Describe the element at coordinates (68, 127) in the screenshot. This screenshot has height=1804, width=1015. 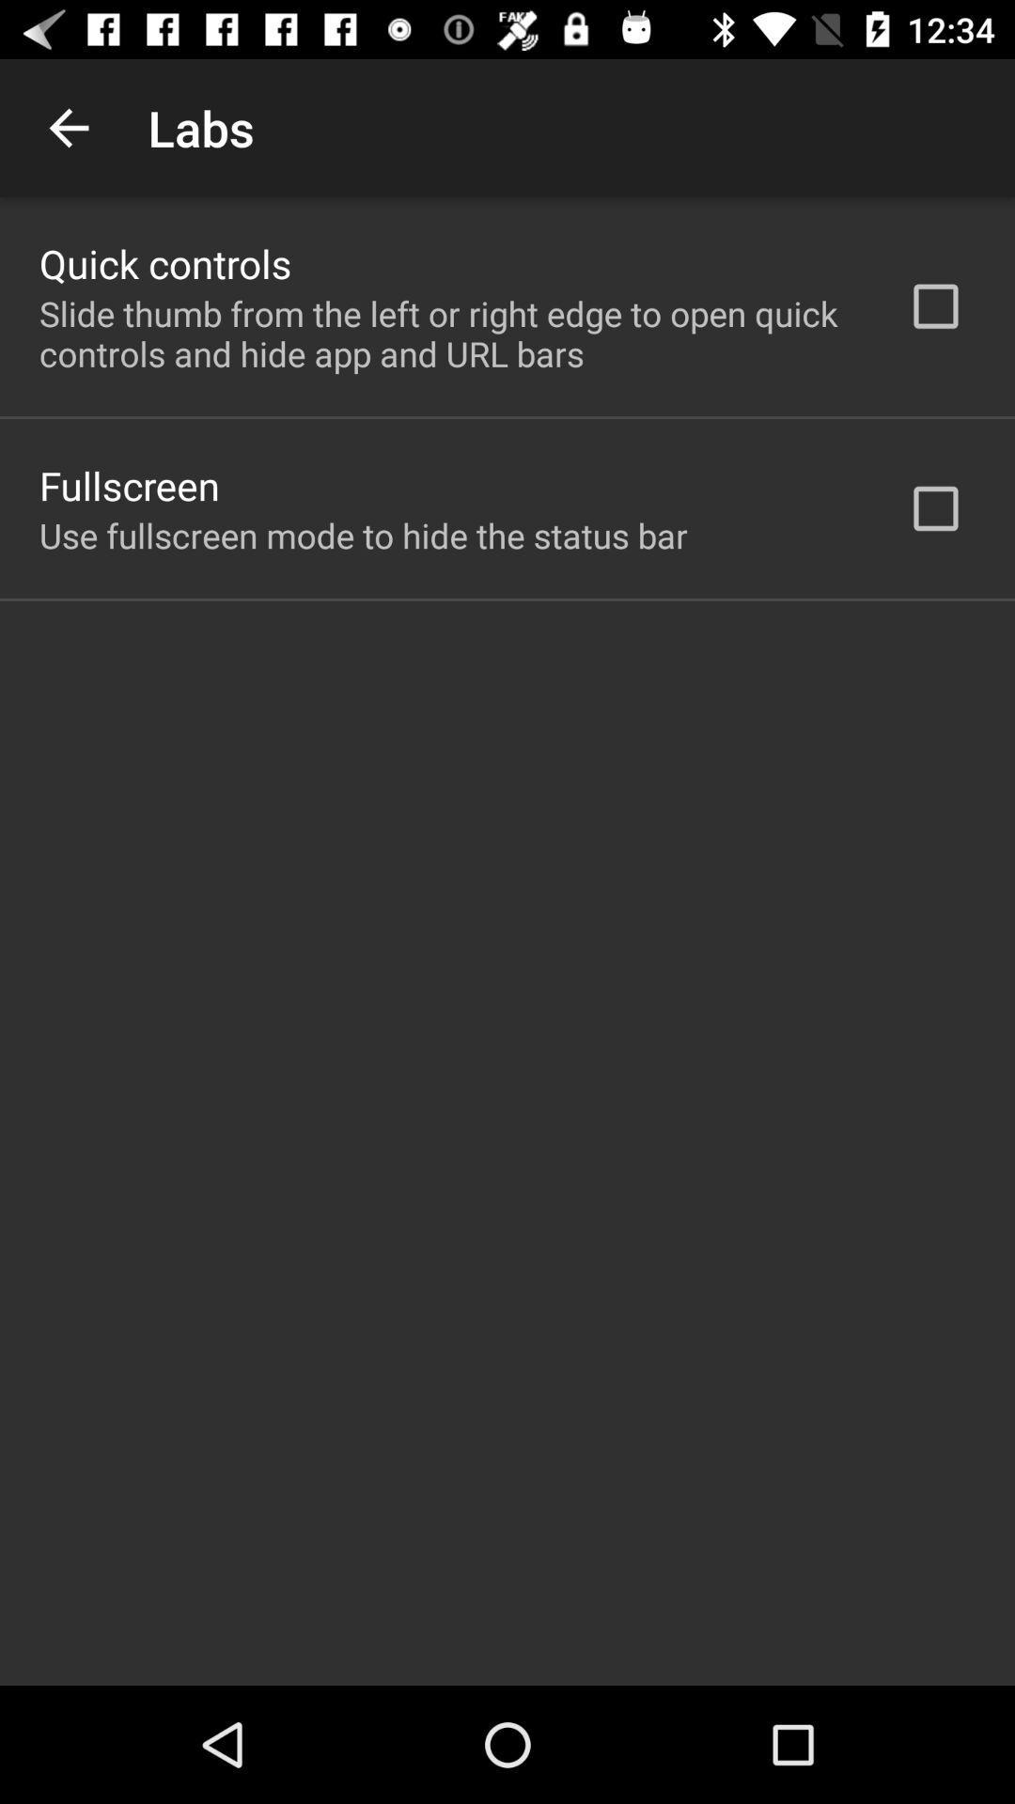
I see `the app above quick controls item` at that location.